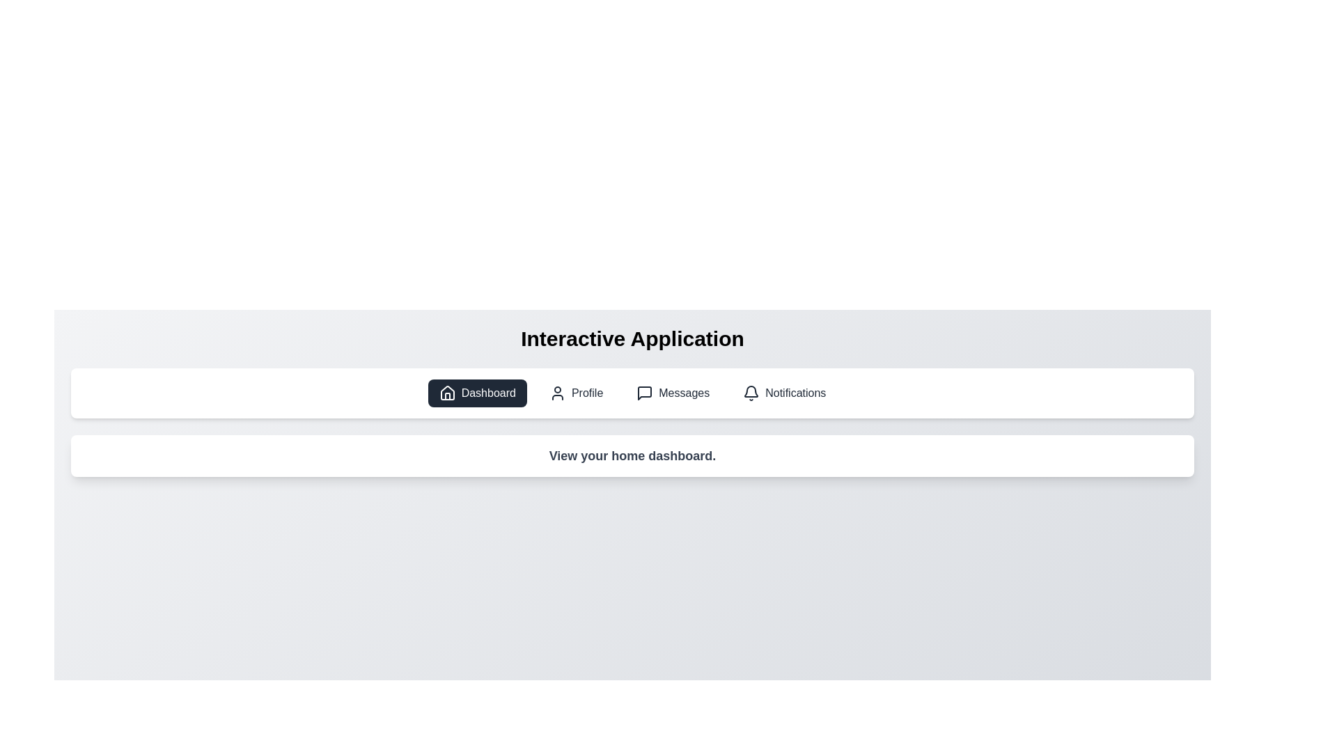 The height and width of the screenshot is (752, 1337). What do you see at coordinates (784, 393) in the screenshot?
I see `the tab associated with Notifications to inspect its icon` at bounding box center [784, 393].